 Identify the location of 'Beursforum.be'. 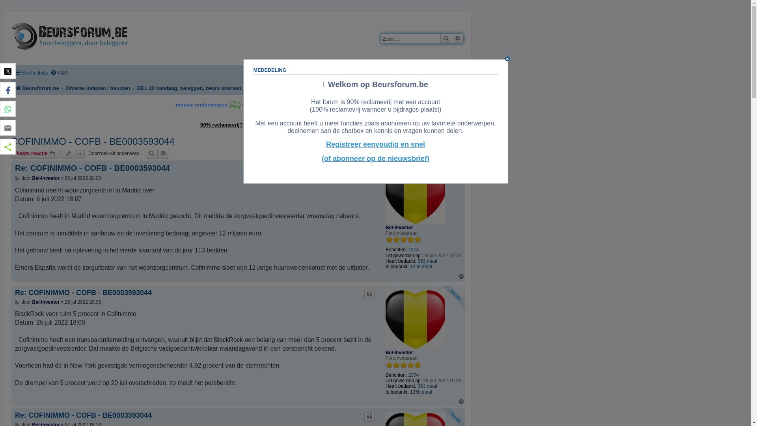
(15, 88).